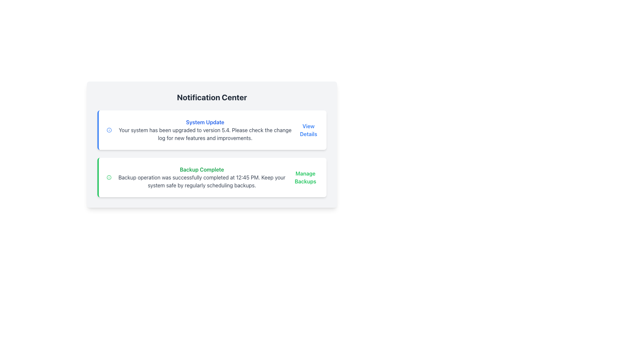 The image size is (632, 355). Describe the element at coordinates (212, 177) in the screenshot. I see `informational text from the second entry in the Notification Center, which confirms the success of a backup operation and provides a link for managing backup settings` at that location.